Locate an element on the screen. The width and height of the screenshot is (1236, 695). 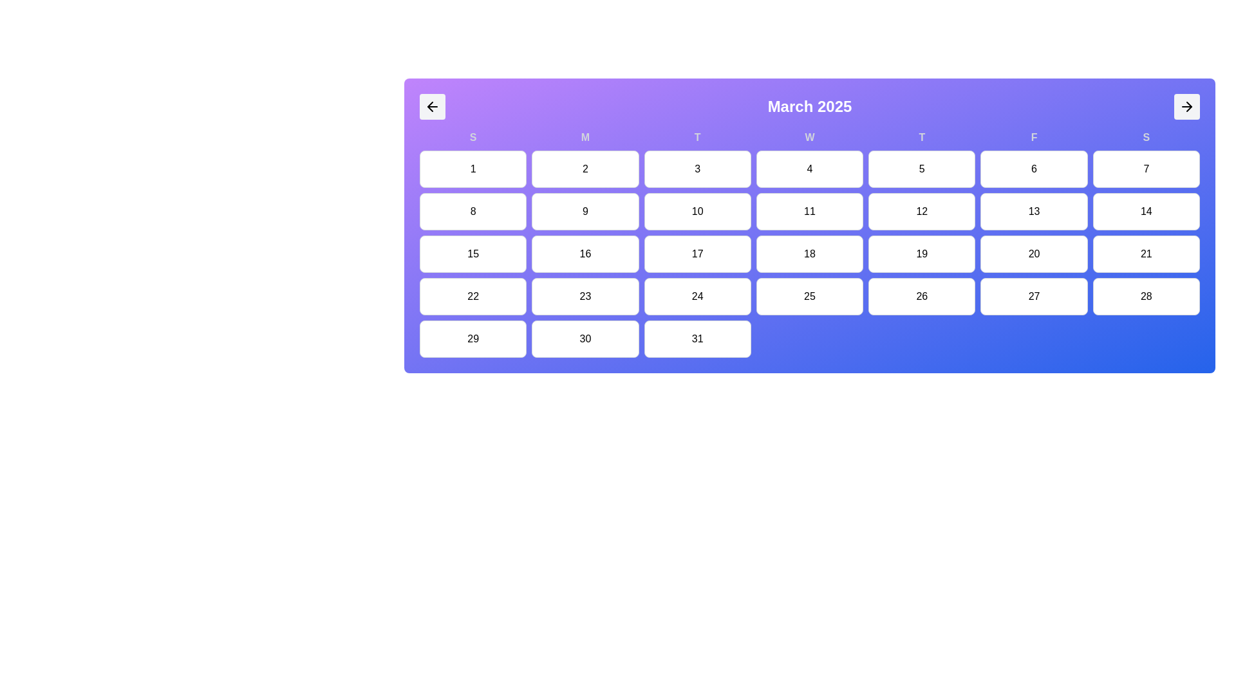
the text label displaying the character 'W' in bold font style, which is part of the calendar header for the days of the week, positioned above the calendar grid is located at coordinates (809, 137).